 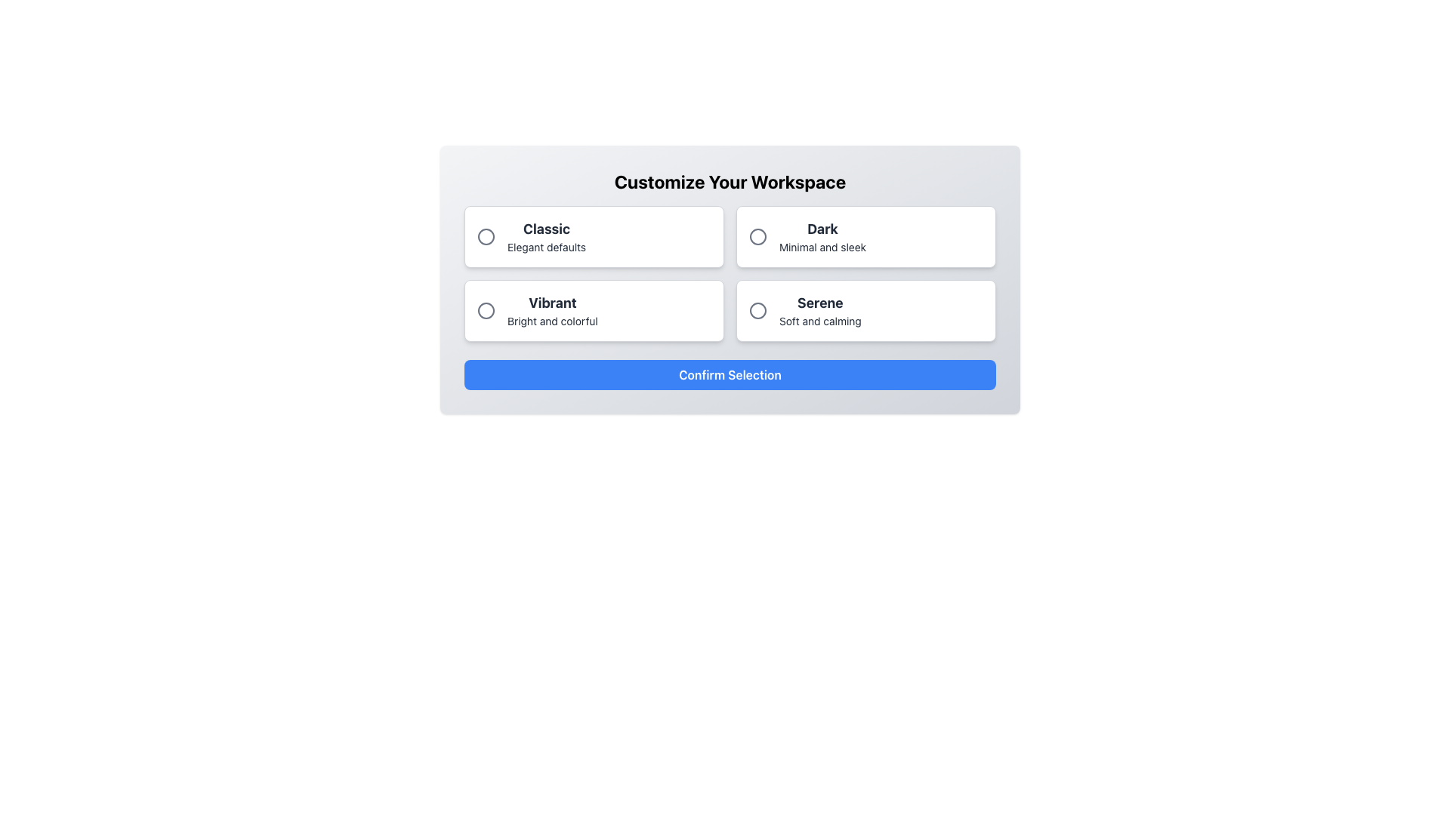 I want to click on the radio button located to the left of the 'Classic' option in the 'Customize Your Workspace' selection interface for accessibility, so click(x=486, y=236).